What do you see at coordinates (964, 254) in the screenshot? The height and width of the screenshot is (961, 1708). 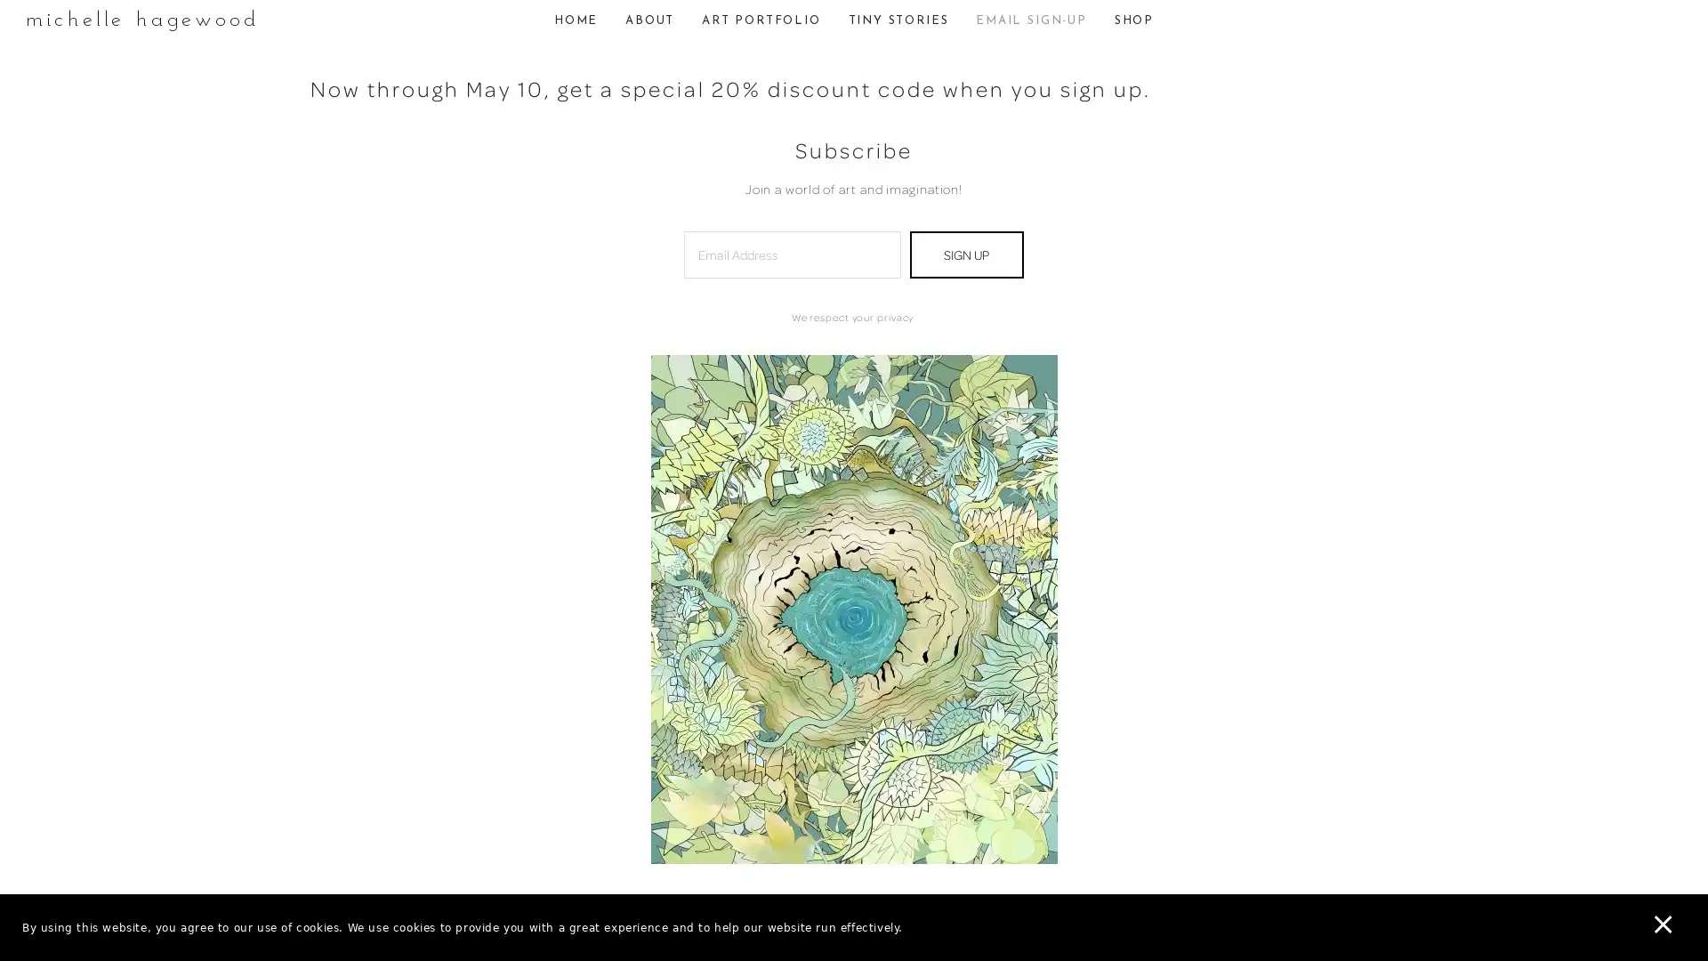 I see `SIGN UP` at bounding box center [964, 254].